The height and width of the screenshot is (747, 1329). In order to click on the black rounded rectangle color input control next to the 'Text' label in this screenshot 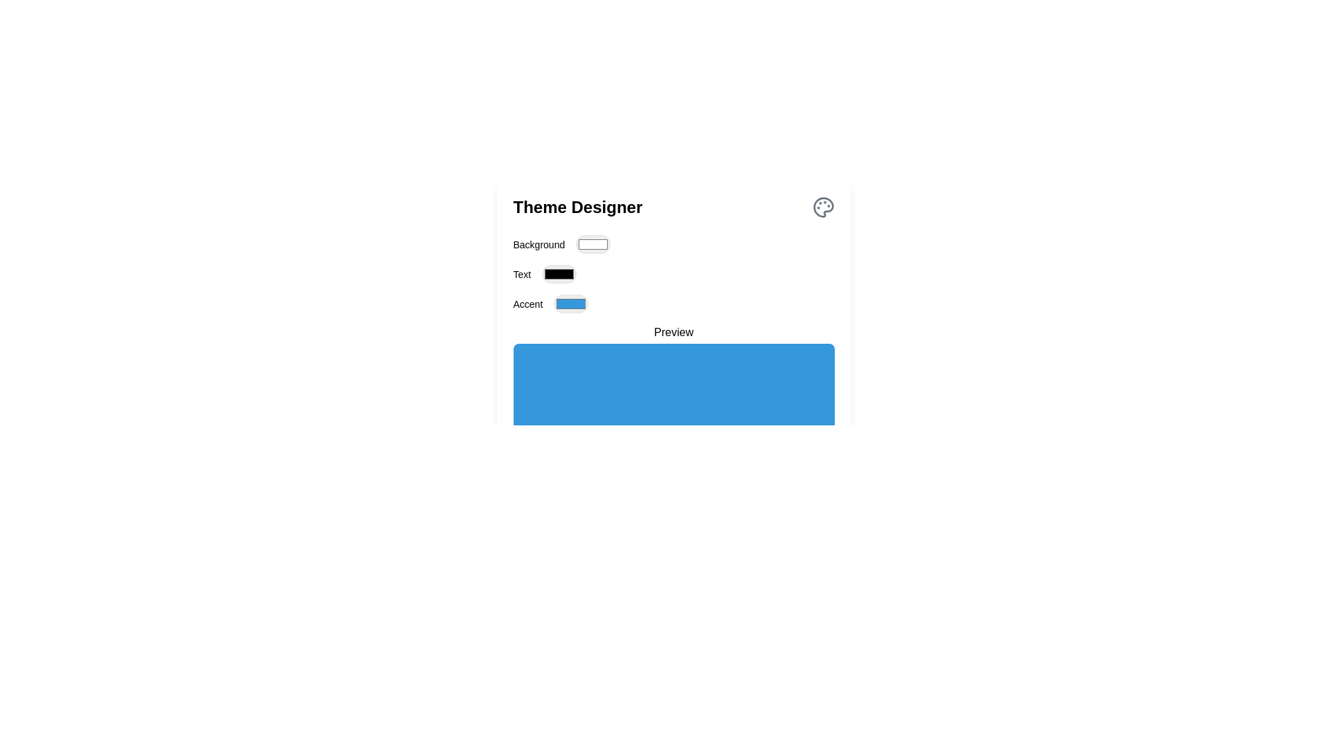, I will do `click(559, 274)`.